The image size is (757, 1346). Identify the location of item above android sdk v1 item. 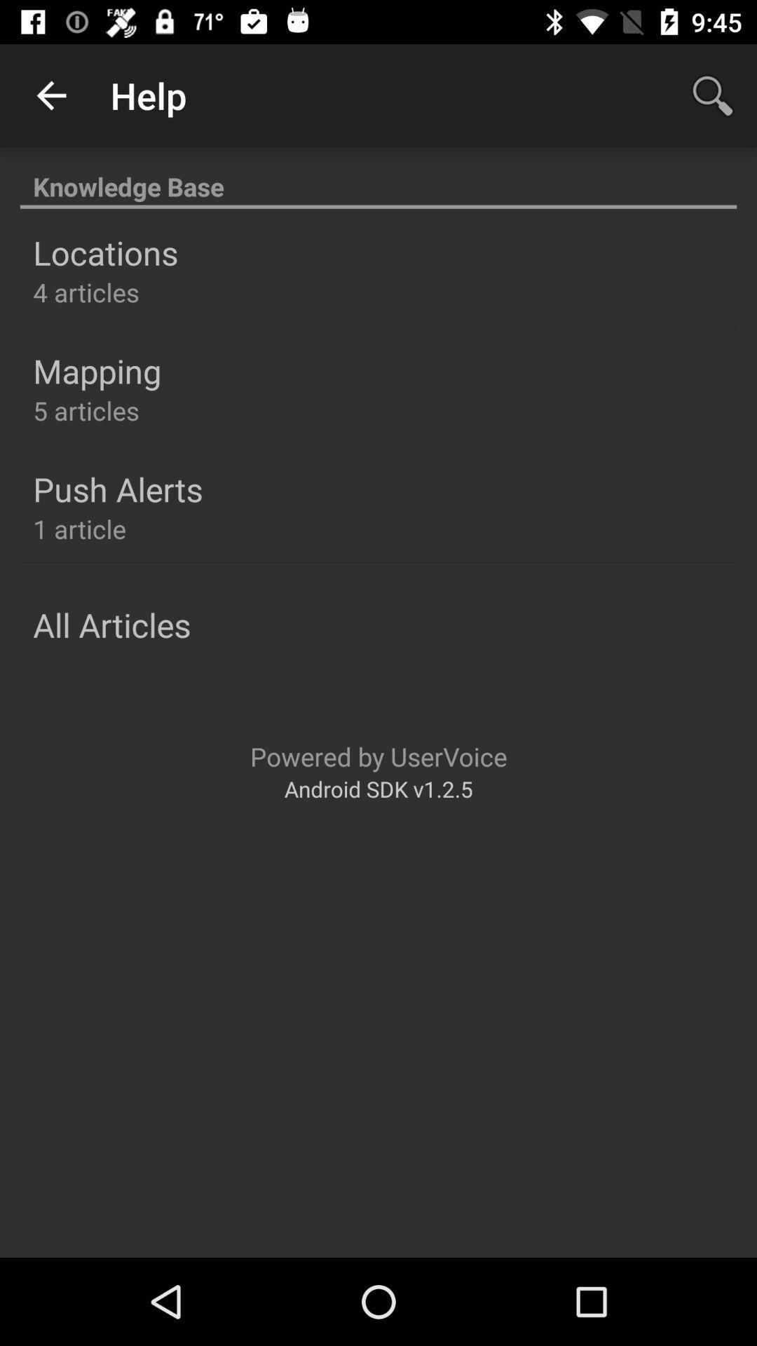
(378, 756).